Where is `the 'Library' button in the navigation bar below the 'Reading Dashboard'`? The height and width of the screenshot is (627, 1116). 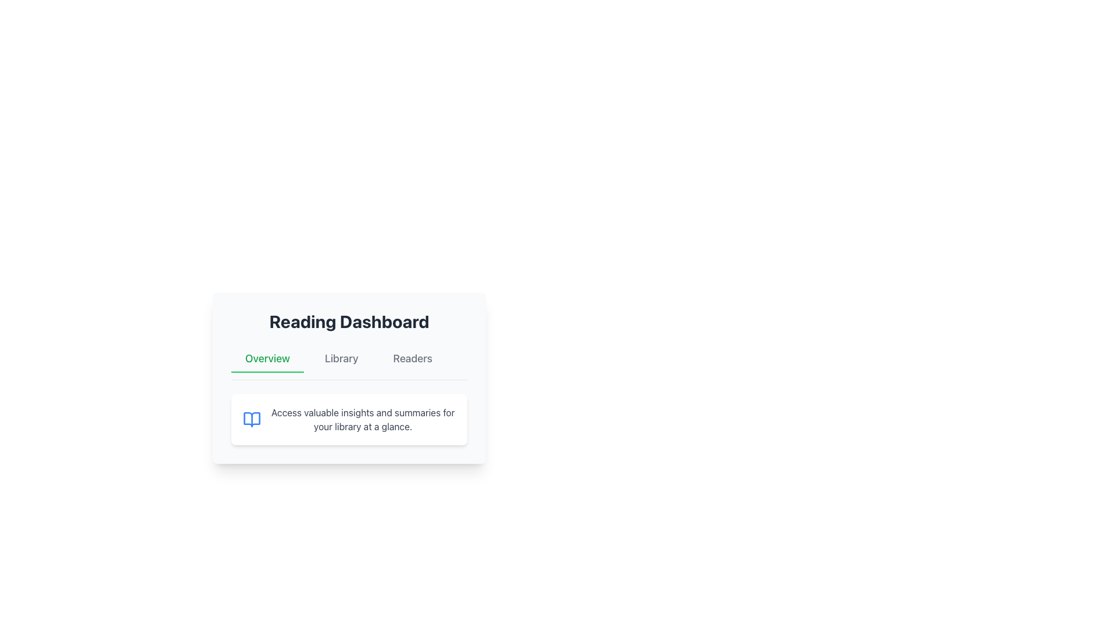 the 'Library' button in the navigation bar below the 'Reading Dashboard' is located at coordinates (341, 358).